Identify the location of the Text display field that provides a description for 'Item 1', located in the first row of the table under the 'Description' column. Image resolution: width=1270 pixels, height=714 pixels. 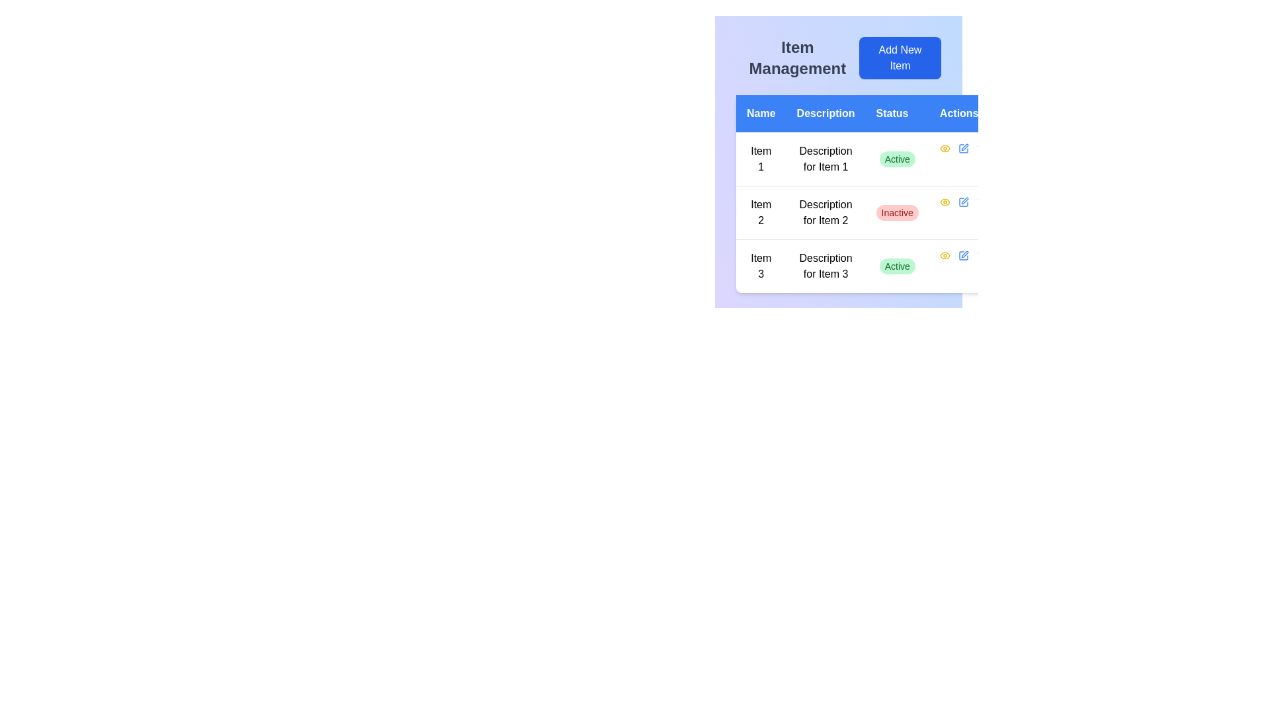
(825, 158).